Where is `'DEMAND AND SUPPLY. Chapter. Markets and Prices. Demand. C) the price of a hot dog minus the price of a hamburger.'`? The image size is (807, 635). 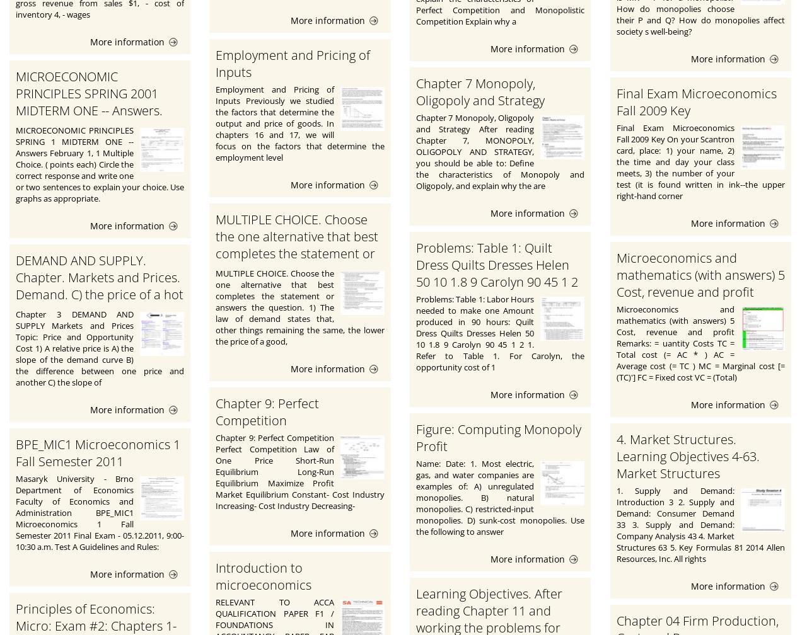
'DEMAND AND SUPPLY. Chapter. Markets and Prices. Demand. C) the price of a hot dog minus the price of a hamburger.' is located at coordinates (98, 294).